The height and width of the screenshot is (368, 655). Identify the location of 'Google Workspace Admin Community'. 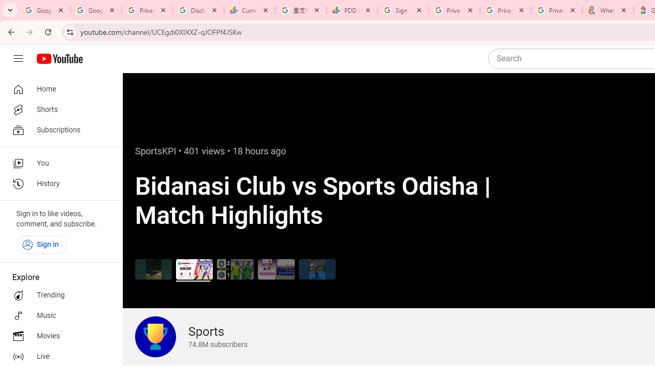
(44, 10).